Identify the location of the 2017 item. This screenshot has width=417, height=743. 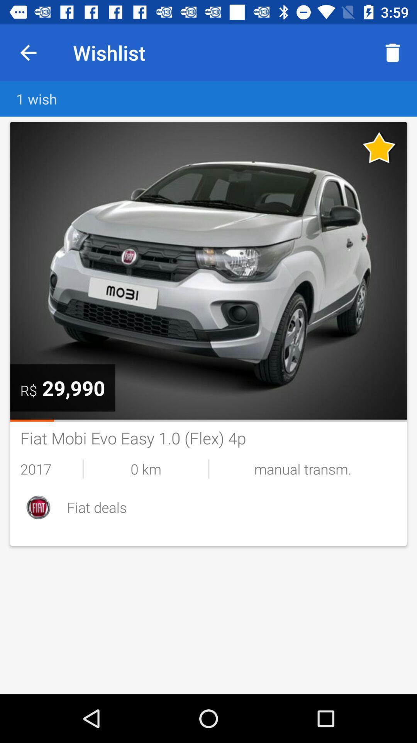
(51, 468).